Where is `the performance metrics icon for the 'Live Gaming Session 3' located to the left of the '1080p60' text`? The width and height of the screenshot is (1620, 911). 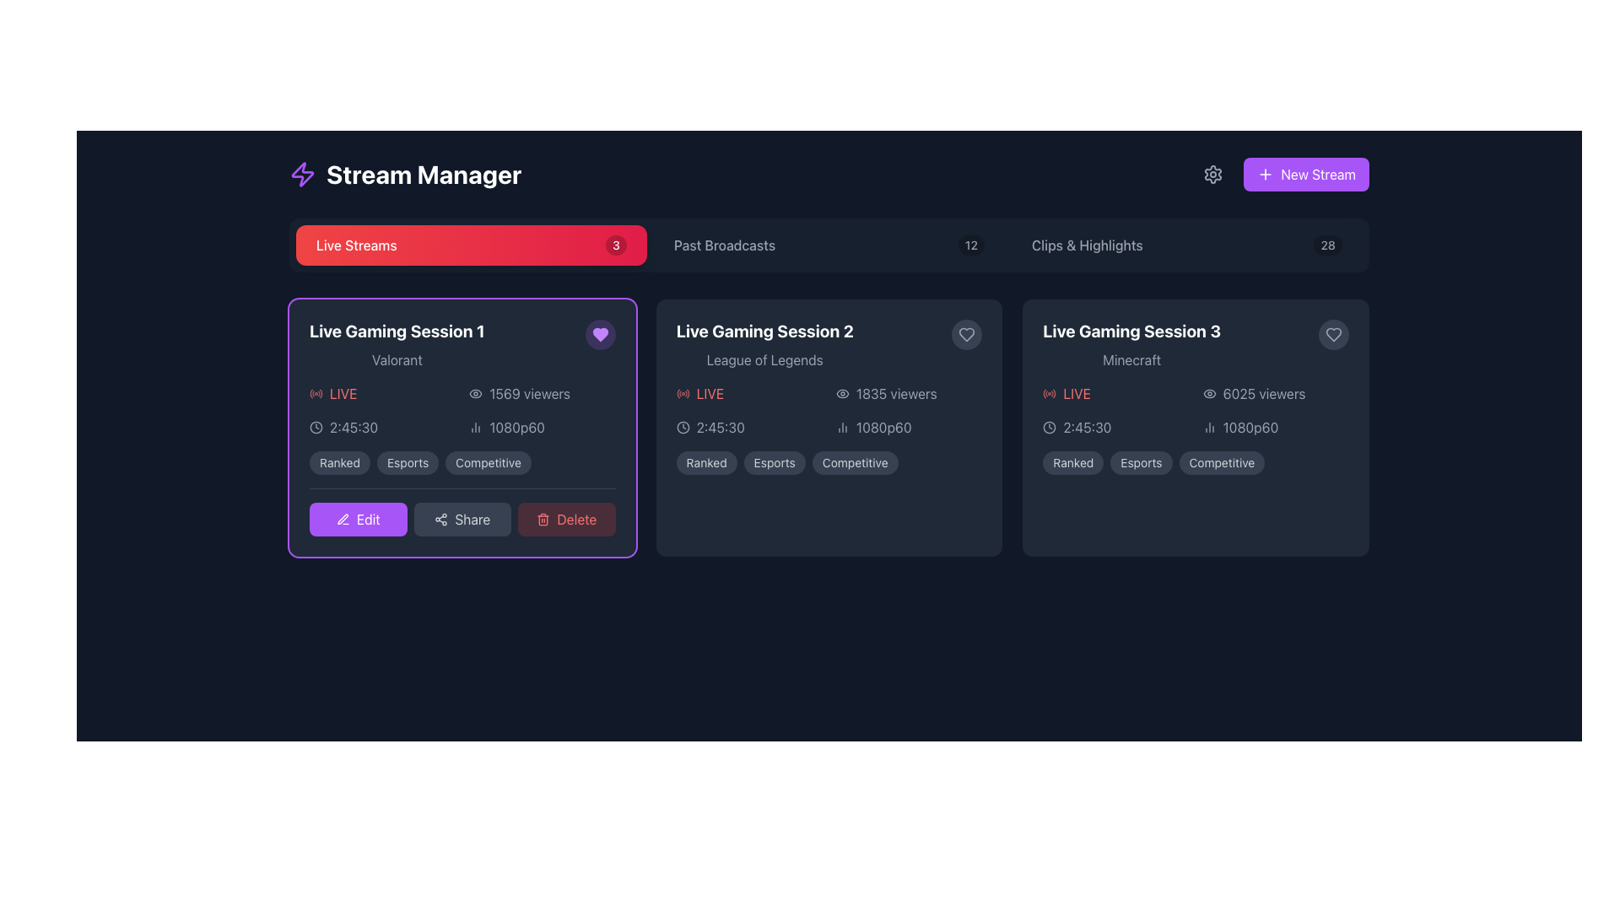 the performance metrics icon for the 'Live Gaming Session 3' located to the left of the '1080p60' text is located at coordinates (1208, 426).